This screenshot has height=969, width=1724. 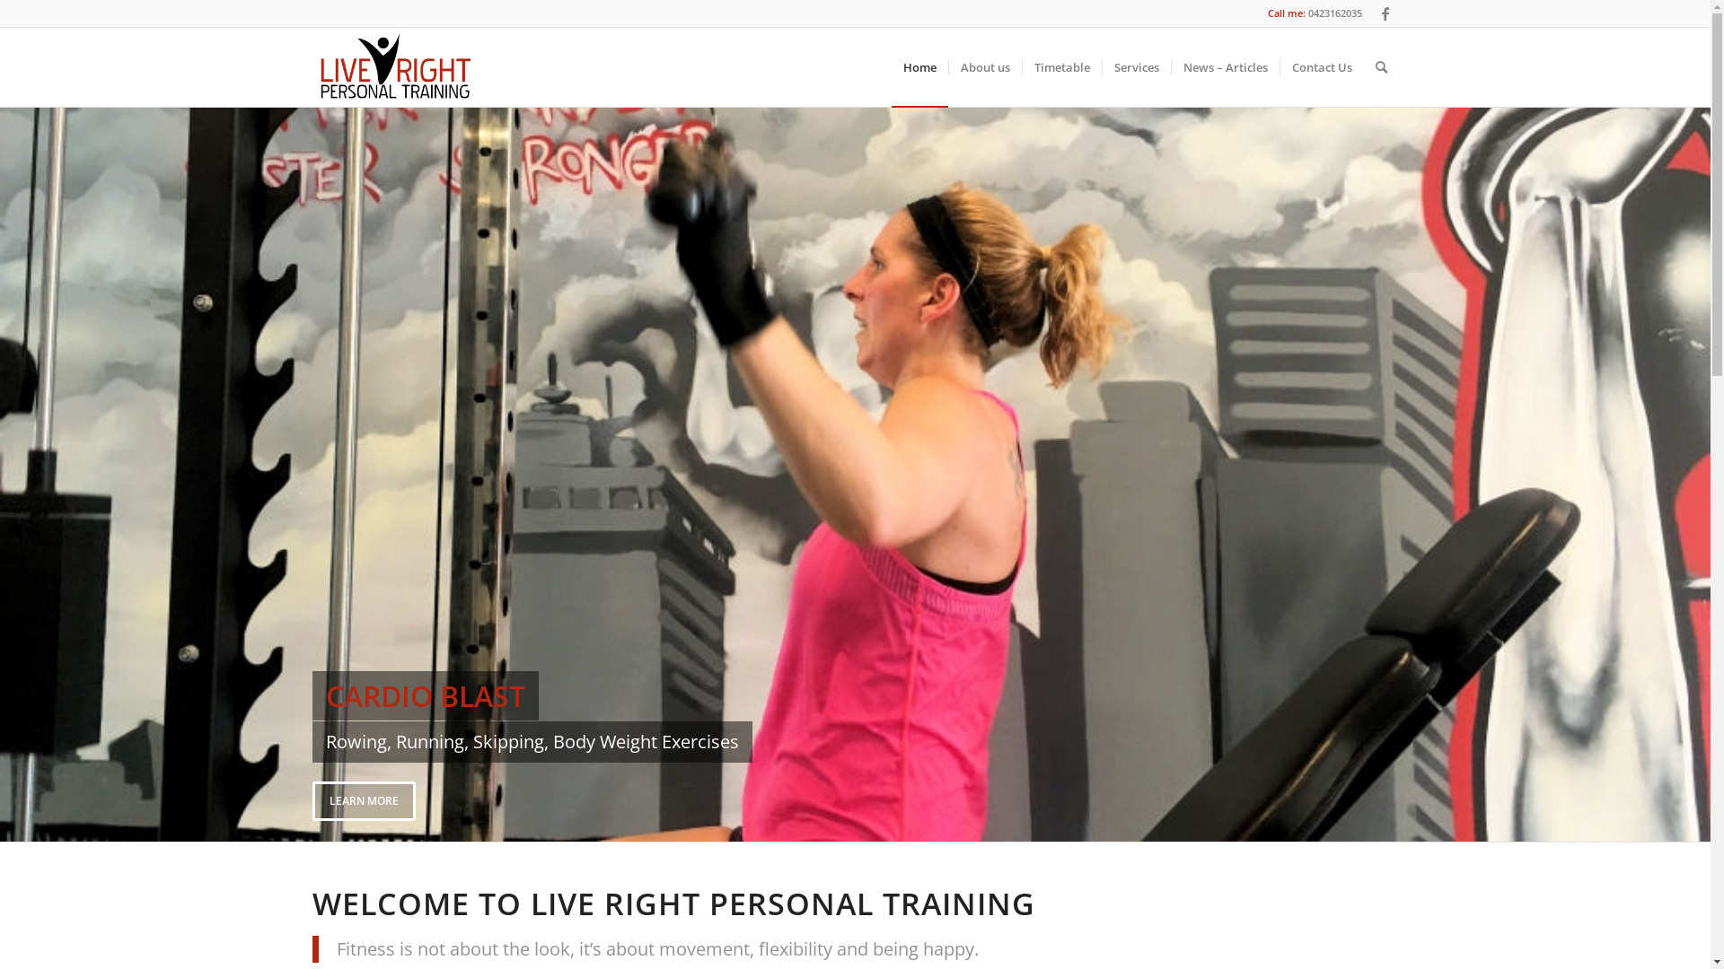 What do you see at coordinates (1320, 65) in the screenshot?
I see `'Contact Us'` at bounding box center [1320, 65].